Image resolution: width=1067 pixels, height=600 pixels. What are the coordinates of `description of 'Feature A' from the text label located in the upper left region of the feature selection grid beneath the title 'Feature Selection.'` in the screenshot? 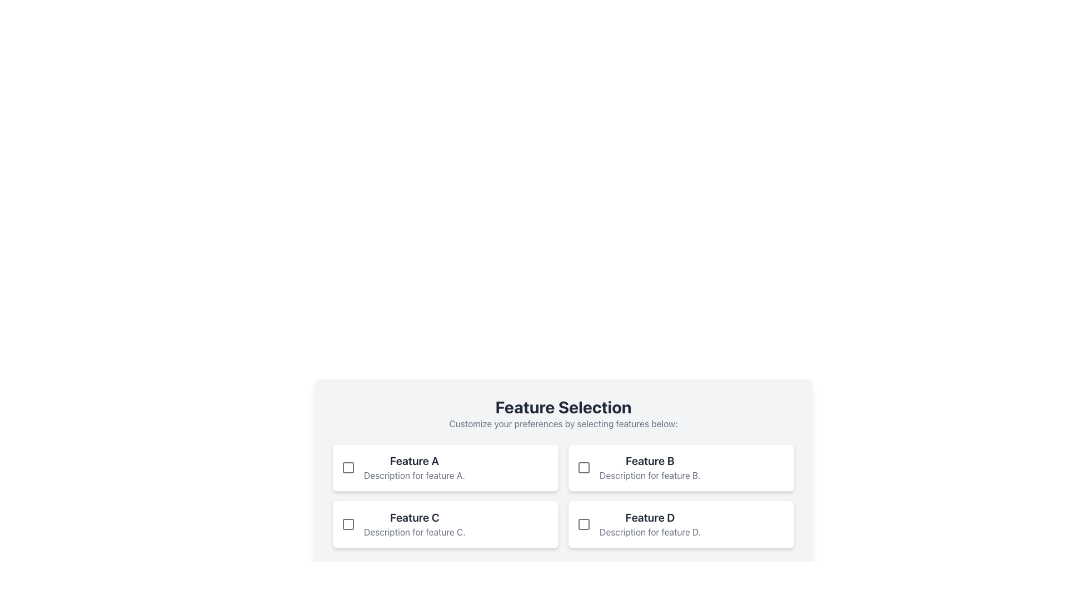 It's located at (413, 467).